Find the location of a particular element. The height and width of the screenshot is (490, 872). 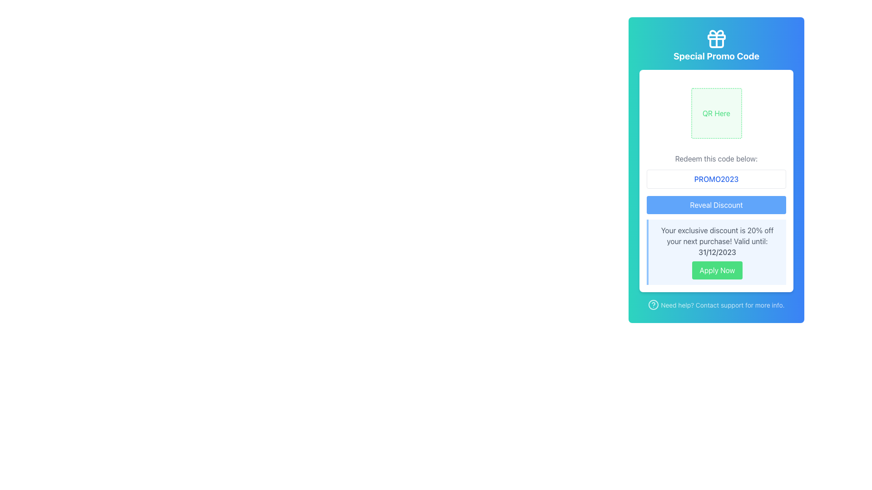

the decorative bottom part of the gift icon, which is centrally located near the bottom of the icon is located at coordinates (716, 43).